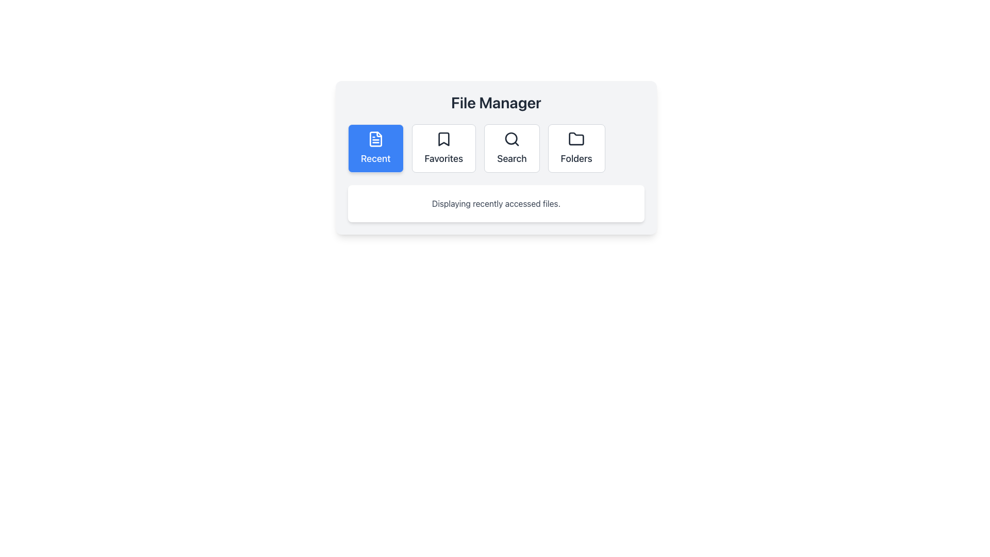 This screenshot has height=557, width=990. Describe the element at coordinates (375, 139) in the screenshot. I see `the 'Recent' files icon located in the horizontal navigation bar of the file manager interface` at that location.